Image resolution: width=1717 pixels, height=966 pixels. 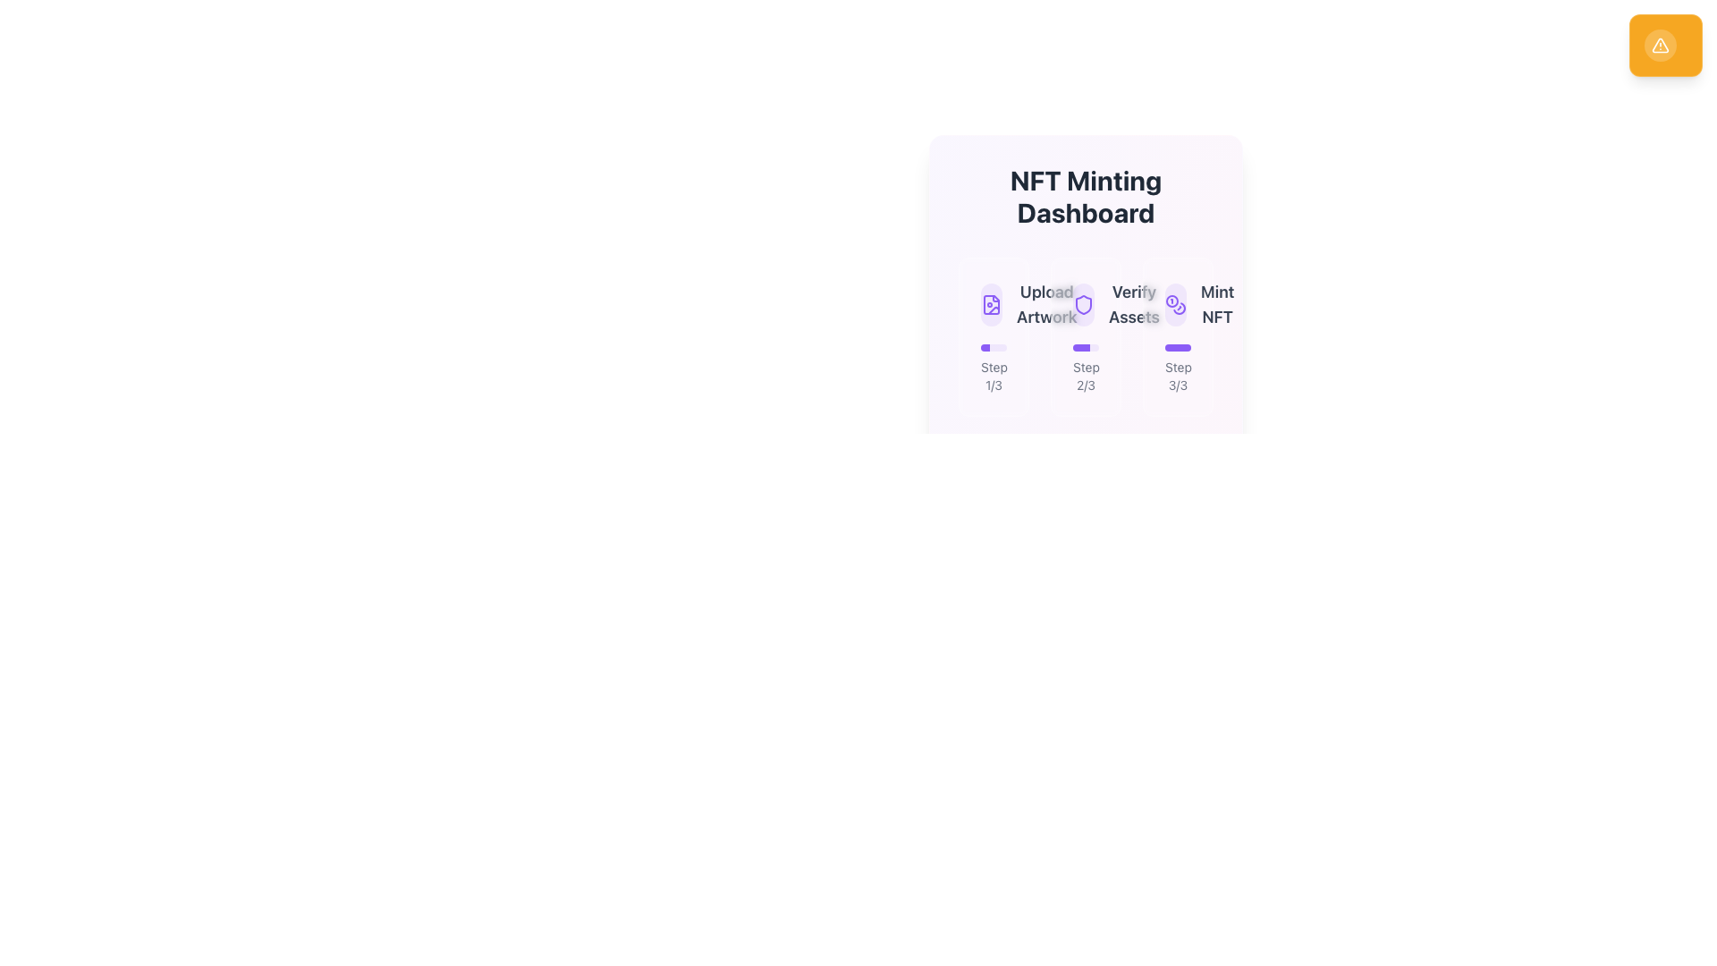 I want to click on the alert notification card located at the top-right corner of the interface to acknowledge or dismiss the alert, so click(x=1664, y=44).